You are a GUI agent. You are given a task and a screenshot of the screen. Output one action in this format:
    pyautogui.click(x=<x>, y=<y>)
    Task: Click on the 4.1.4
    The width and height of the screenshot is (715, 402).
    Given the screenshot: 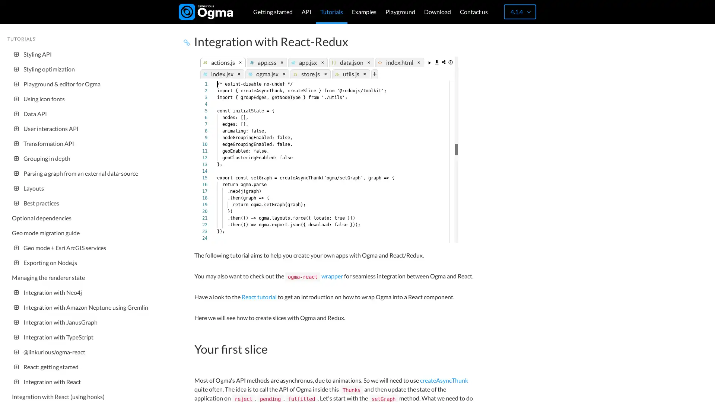 What is the action you would take?
    pyautogui.click(x=519, y=12)
    